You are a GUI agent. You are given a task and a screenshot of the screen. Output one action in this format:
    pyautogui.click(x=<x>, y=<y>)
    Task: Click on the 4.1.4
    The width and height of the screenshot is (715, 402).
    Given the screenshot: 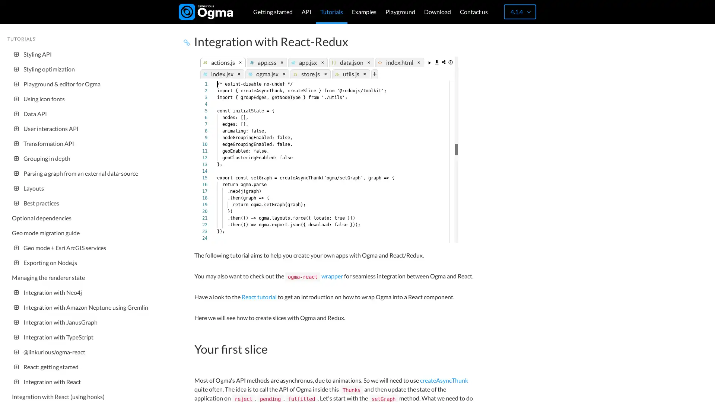 What is the action you would take?
    pyautogui.click(x=519, y=12)
    